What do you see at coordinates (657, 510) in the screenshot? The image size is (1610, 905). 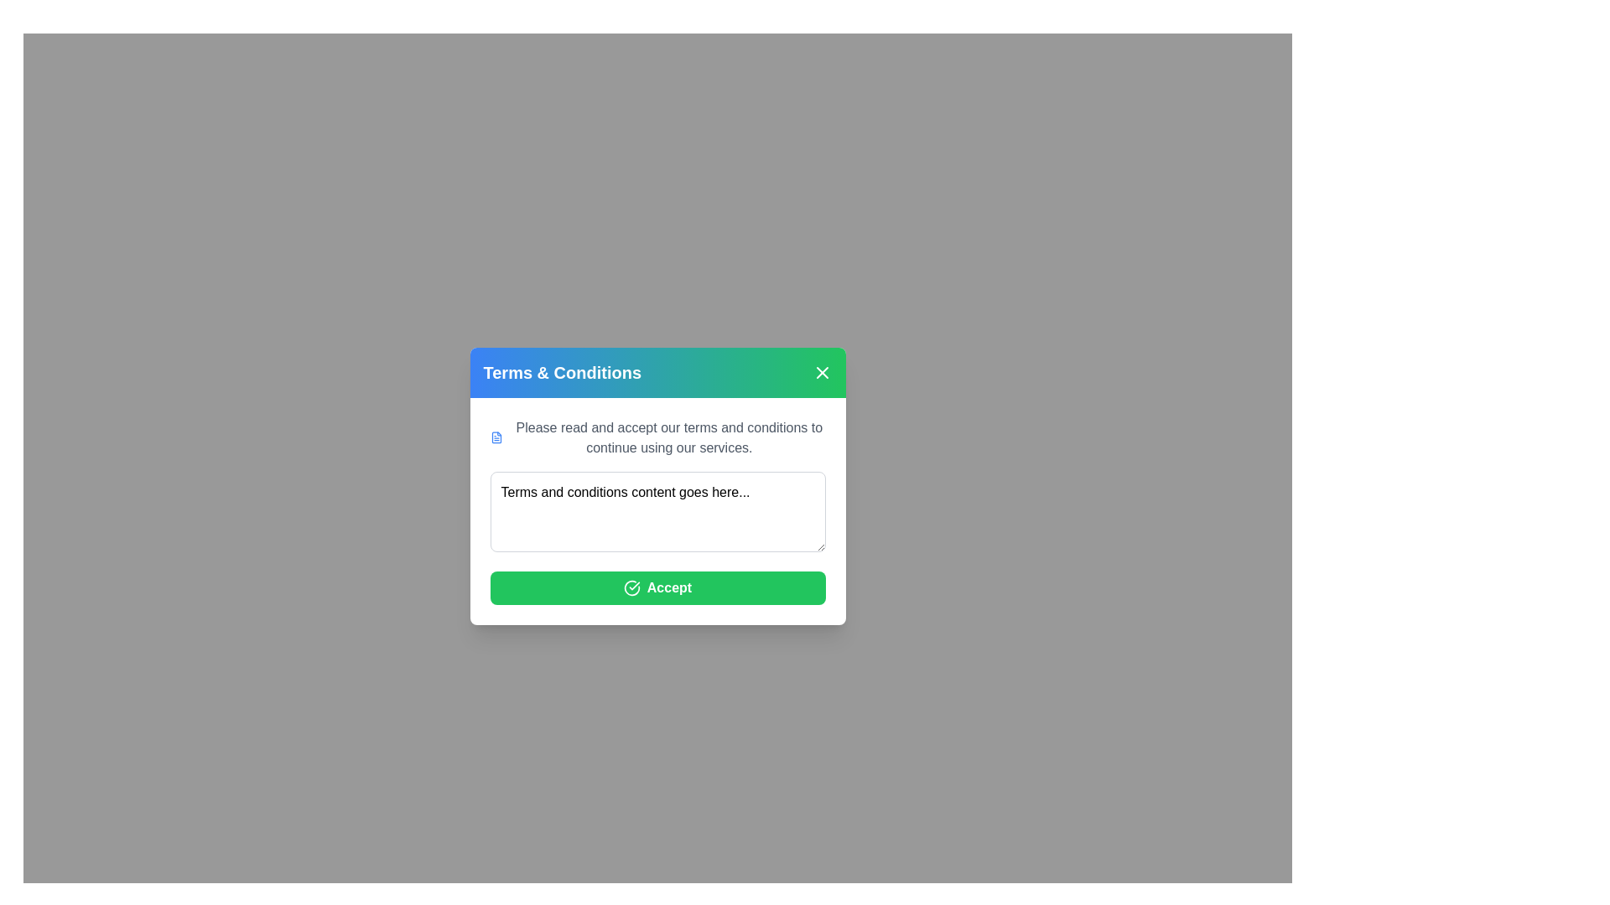 I see `the textarea to focus on it for reading` at bounding box center [657, 510].